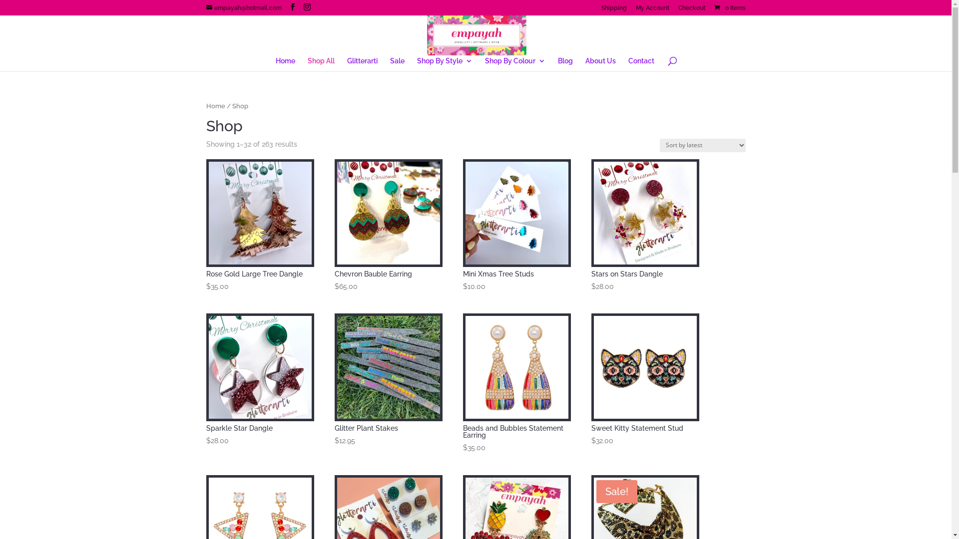 This screenshot has width=959, height=539. Describe the element at coordinates (729, 7) in the screenshot. I see `'0 Items'` at that location.